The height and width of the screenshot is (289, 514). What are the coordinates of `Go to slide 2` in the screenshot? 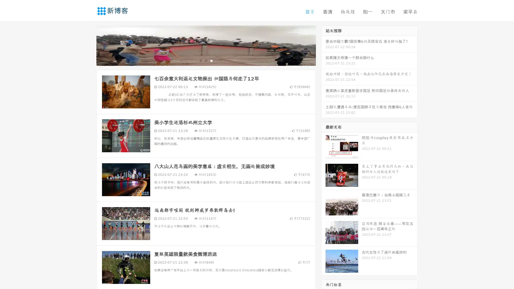 It's located at (206, 60).